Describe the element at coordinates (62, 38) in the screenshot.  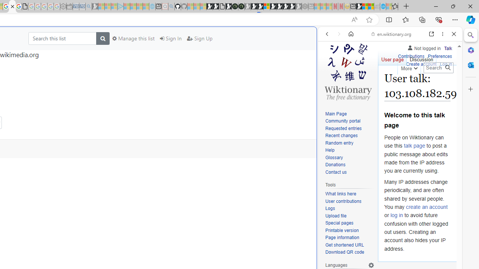
I see `'Search this list'` at that location.